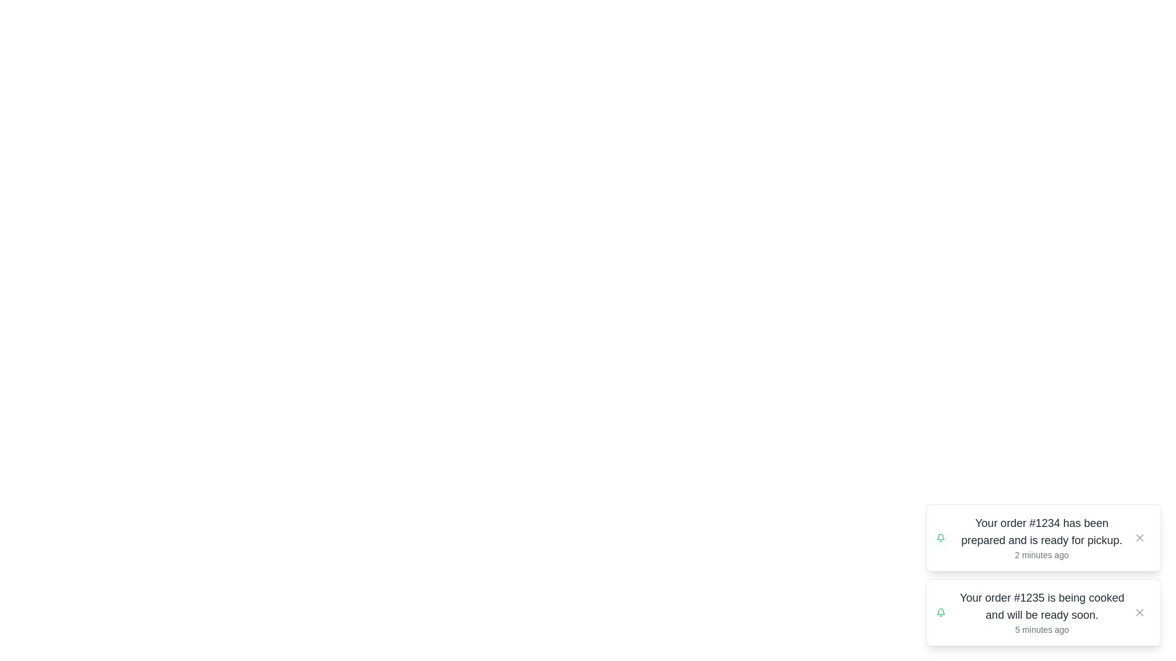  What do you see at coordinates (1041, 630) in the screenshot?
I see `text label displaying '5 minutes ago' in light gray font, located at the bottom of the notification box for order #1235` at bounding box center [1041, 630].